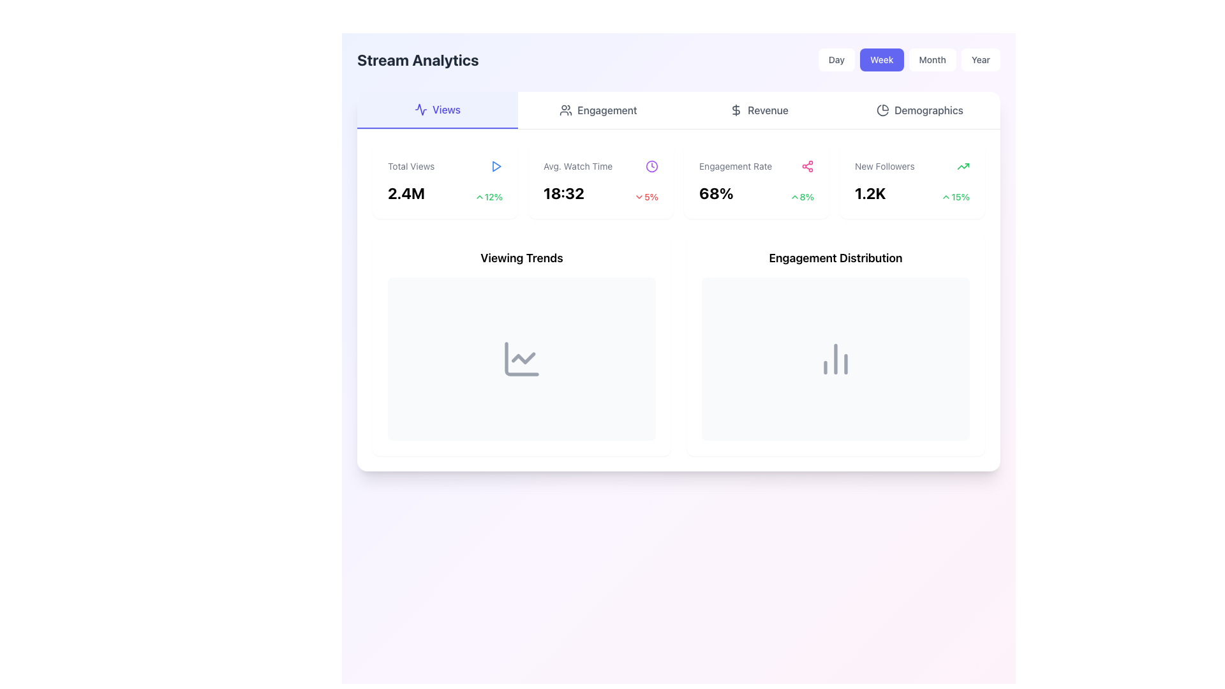 This screenshot has height=689, width=1225. I want to click on the Text label located in the 'Engagement' tab section, which is positioned above the numerical value '68%' and to the left of a sharing symbol icon, so click(736, 166).